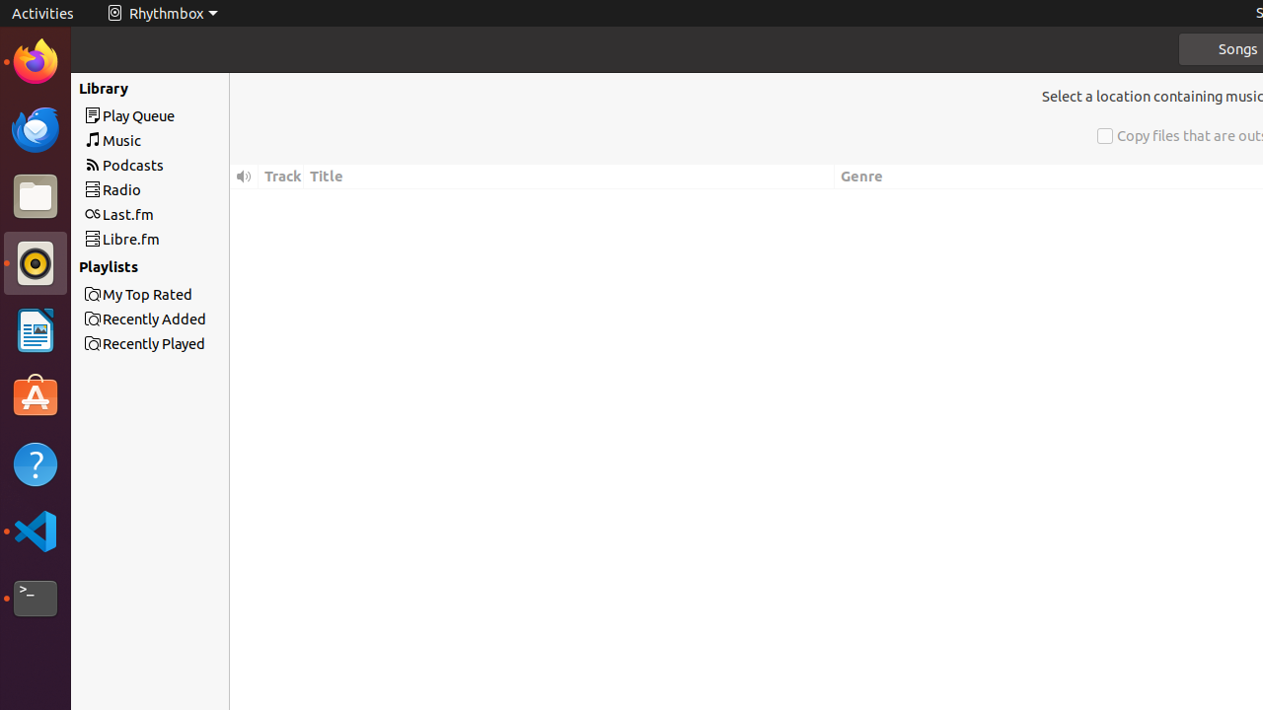  Describe the element at coordinates (186, 164) in the screenshot. I see `'Podcasts'` at that location.